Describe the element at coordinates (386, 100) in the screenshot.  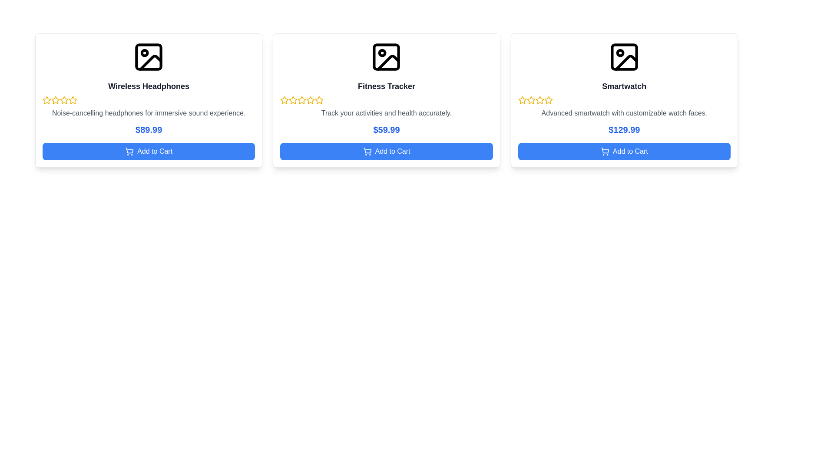
I see `the row of five yellow star icons for rating located centrally below the title 'Fitness Tracker' in the middle card of a three-card layout` at that location.